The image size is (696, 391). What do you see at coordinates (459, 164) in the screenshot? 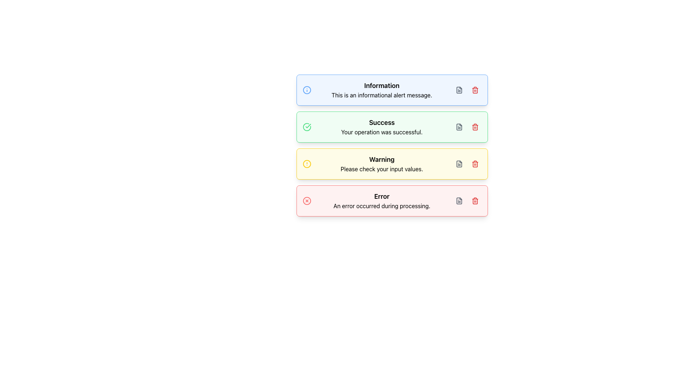
I see `the small file icon button, which is located inside a yellow warning alert box to the right of the alert text and to the left of a red trash icon` at bounding box center [459, 164].